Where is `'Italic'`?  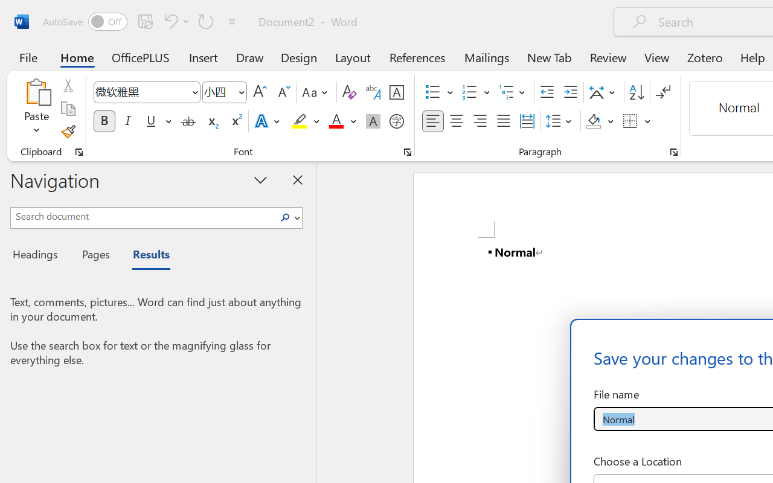 'Italic' is located at coordinates (128, 121).